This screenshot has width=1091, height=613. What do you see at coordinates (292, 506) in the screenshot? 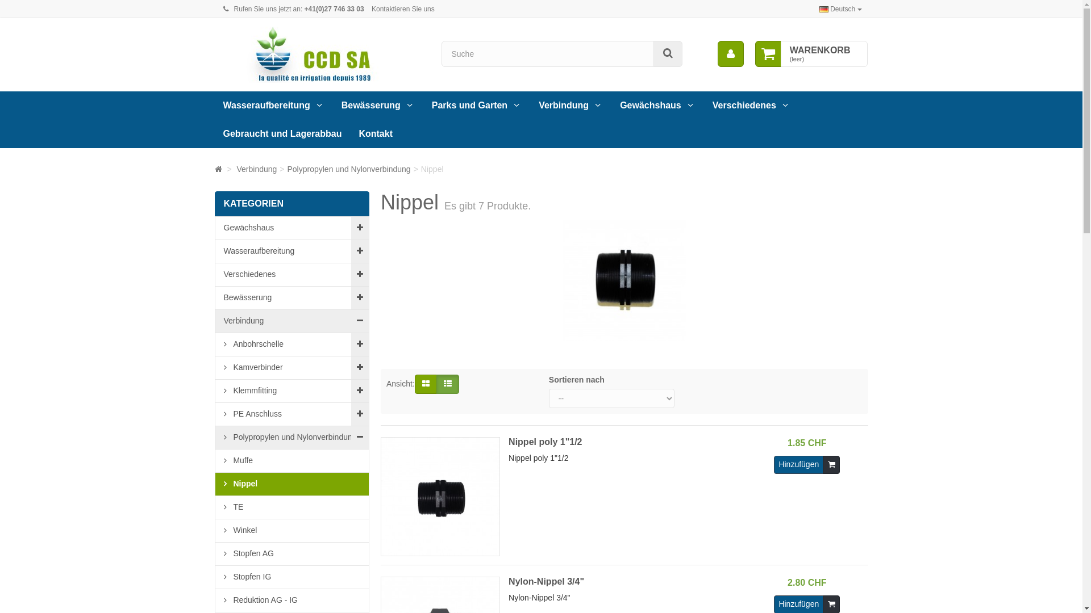
I see `'TE'` at bounding box center [292, 506].